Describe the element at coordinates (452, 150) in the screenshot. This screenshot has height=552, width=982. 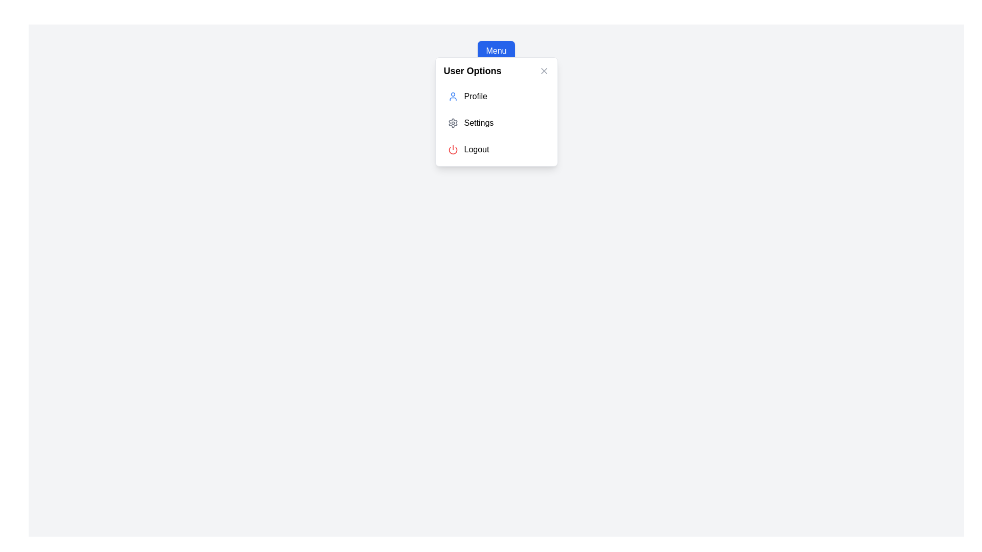
I see `the lower part of the SVG power button icon, which is circular and styled in red` at that location.